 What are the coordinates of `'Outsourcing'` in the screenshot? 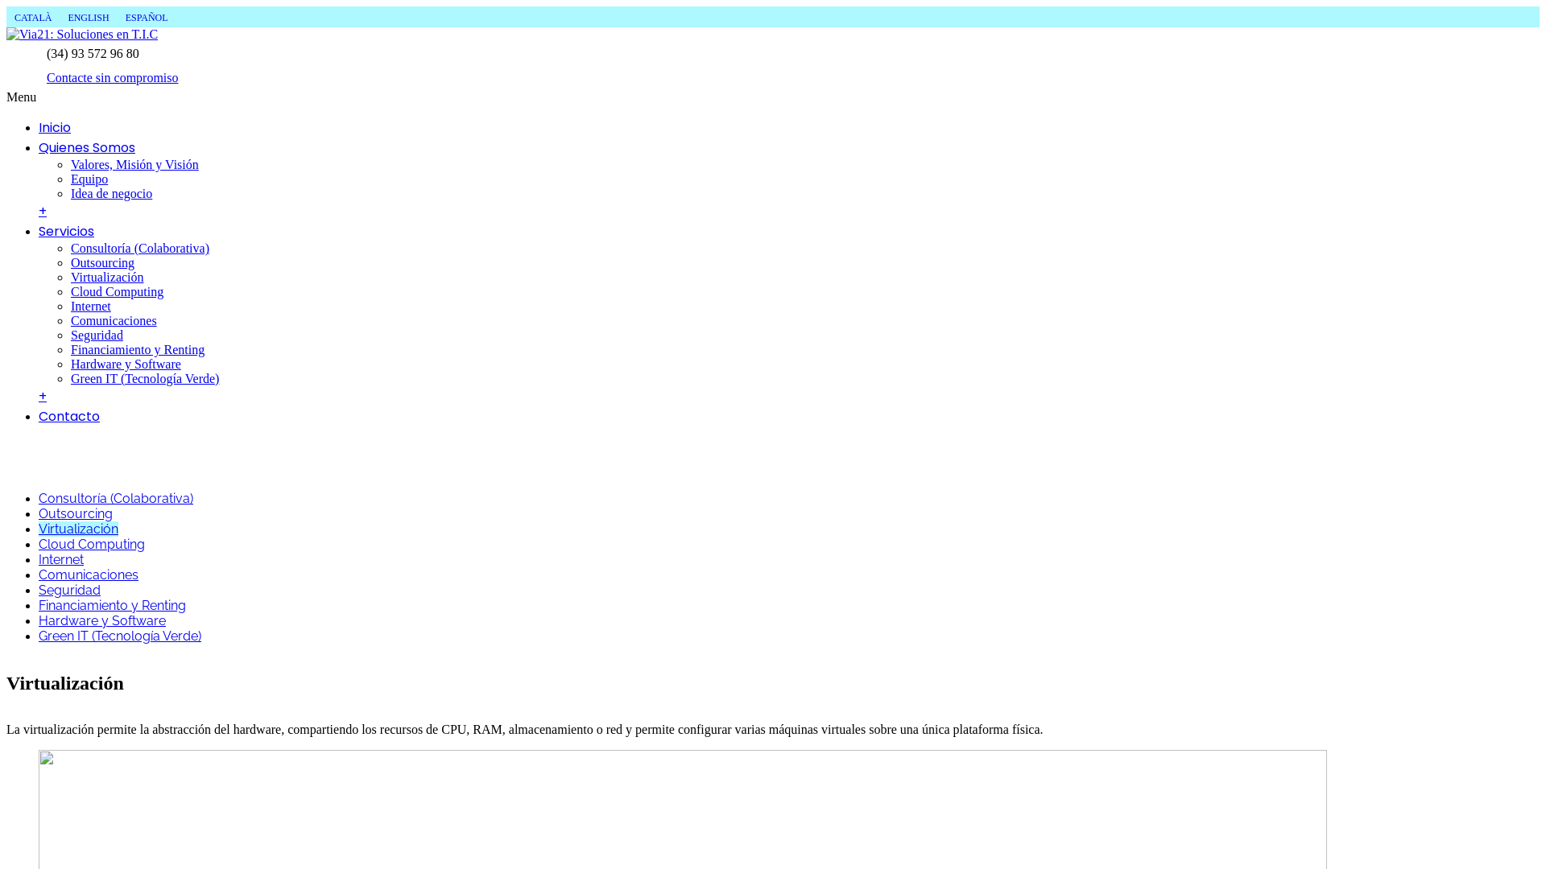 It's located at (75, 513).